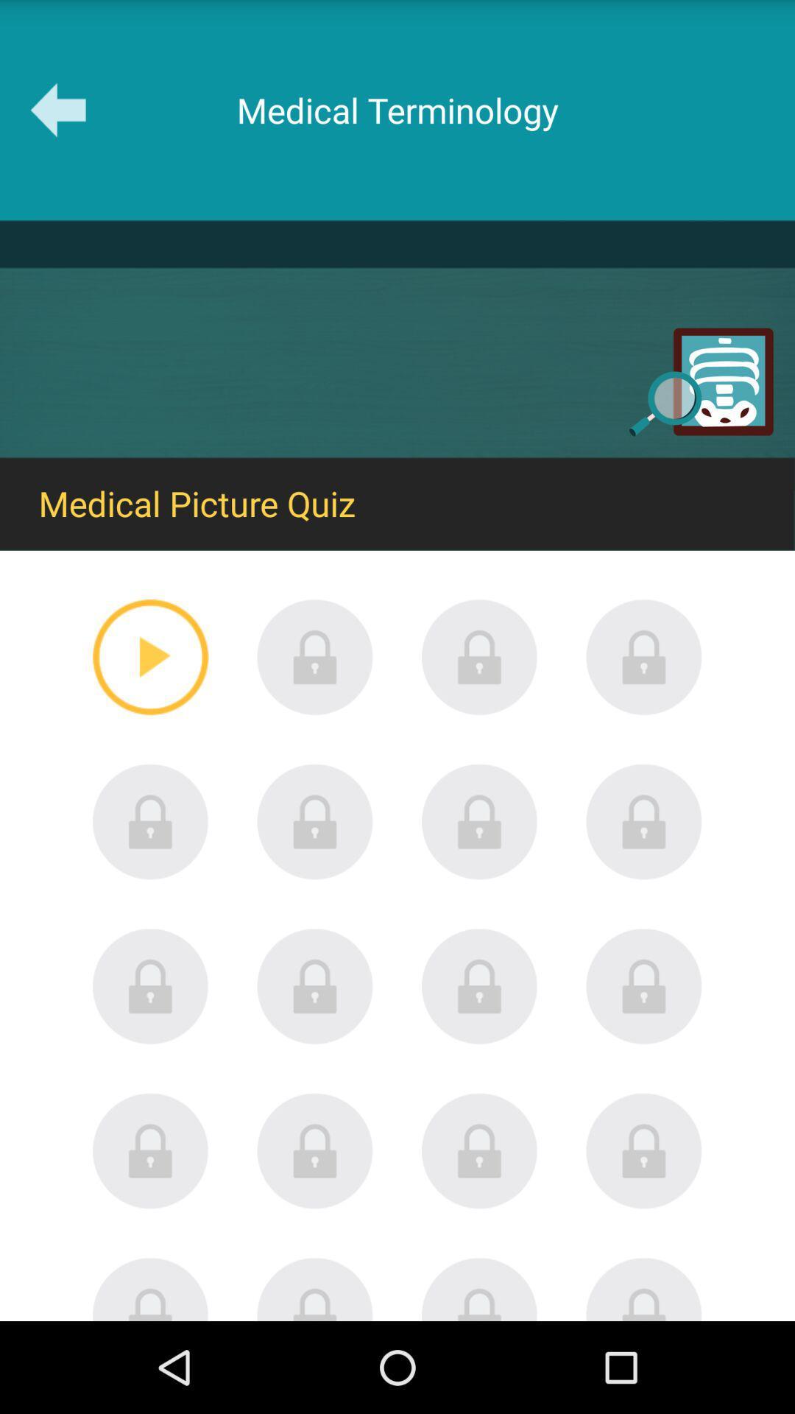  Describe the element at coordinates (643, 1288) in the screenshot. I see `locked` at that location.